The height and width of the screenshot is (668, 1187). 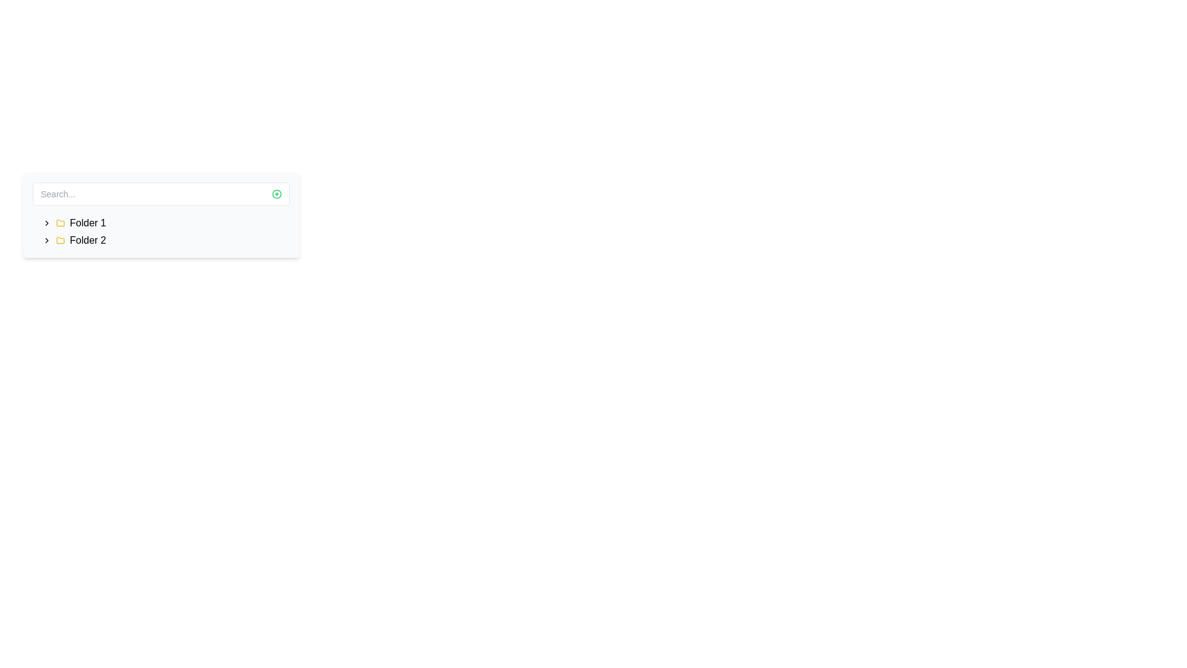 What do you see at coordinates (276, 194) in the screenshot?
I see `the green-bordered circular vector graphic located at the top-right corner near the search bar interface` at bounding box center [276, 194].